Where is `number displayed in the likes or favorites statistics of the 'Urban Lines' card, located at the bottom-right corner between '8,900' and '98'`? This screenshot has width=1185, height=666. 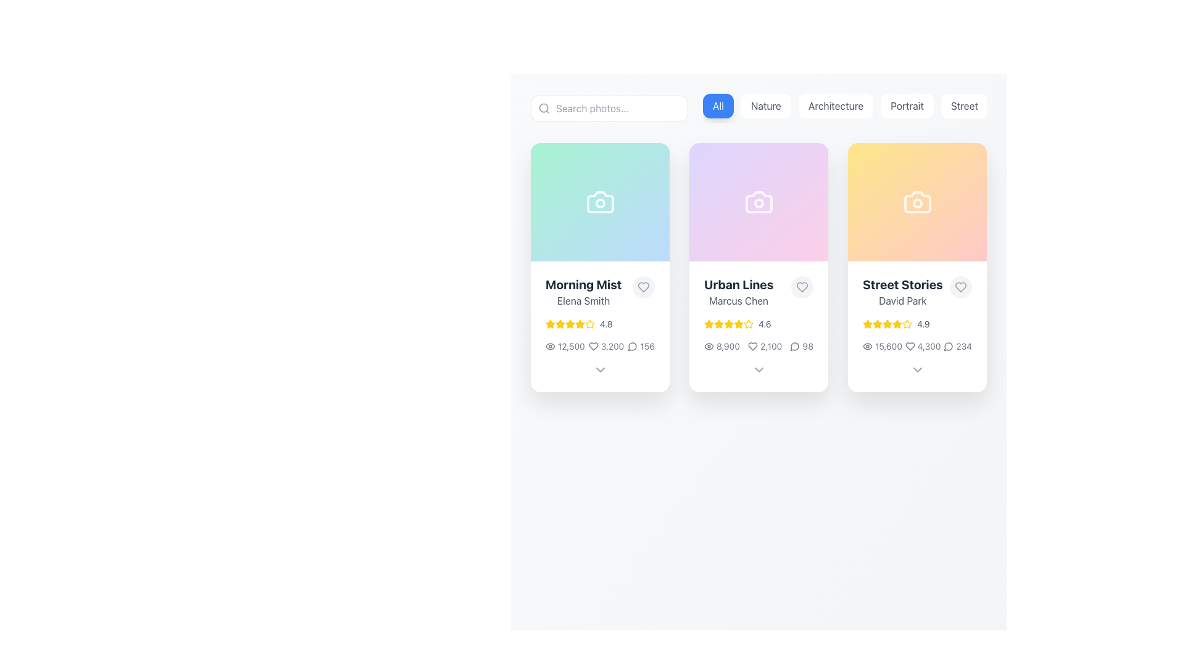 number displayed in the likes or favorites statistics of the 'Urban Lines' card, located at the bottom-right corner between '8,900' and '98' is located at coordinates (764, 347).